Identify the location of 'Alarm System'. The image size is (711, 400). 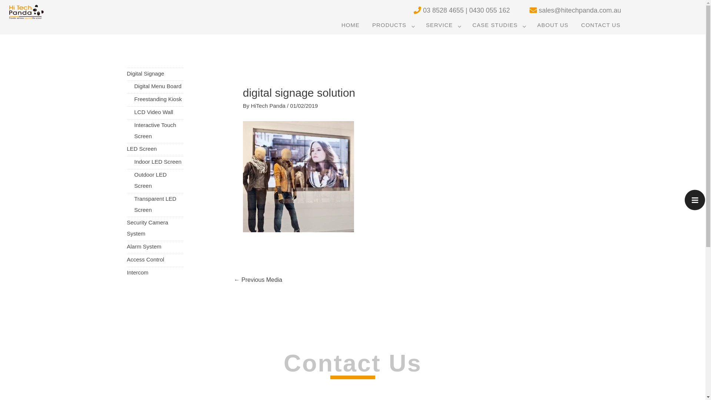
(144, 246).